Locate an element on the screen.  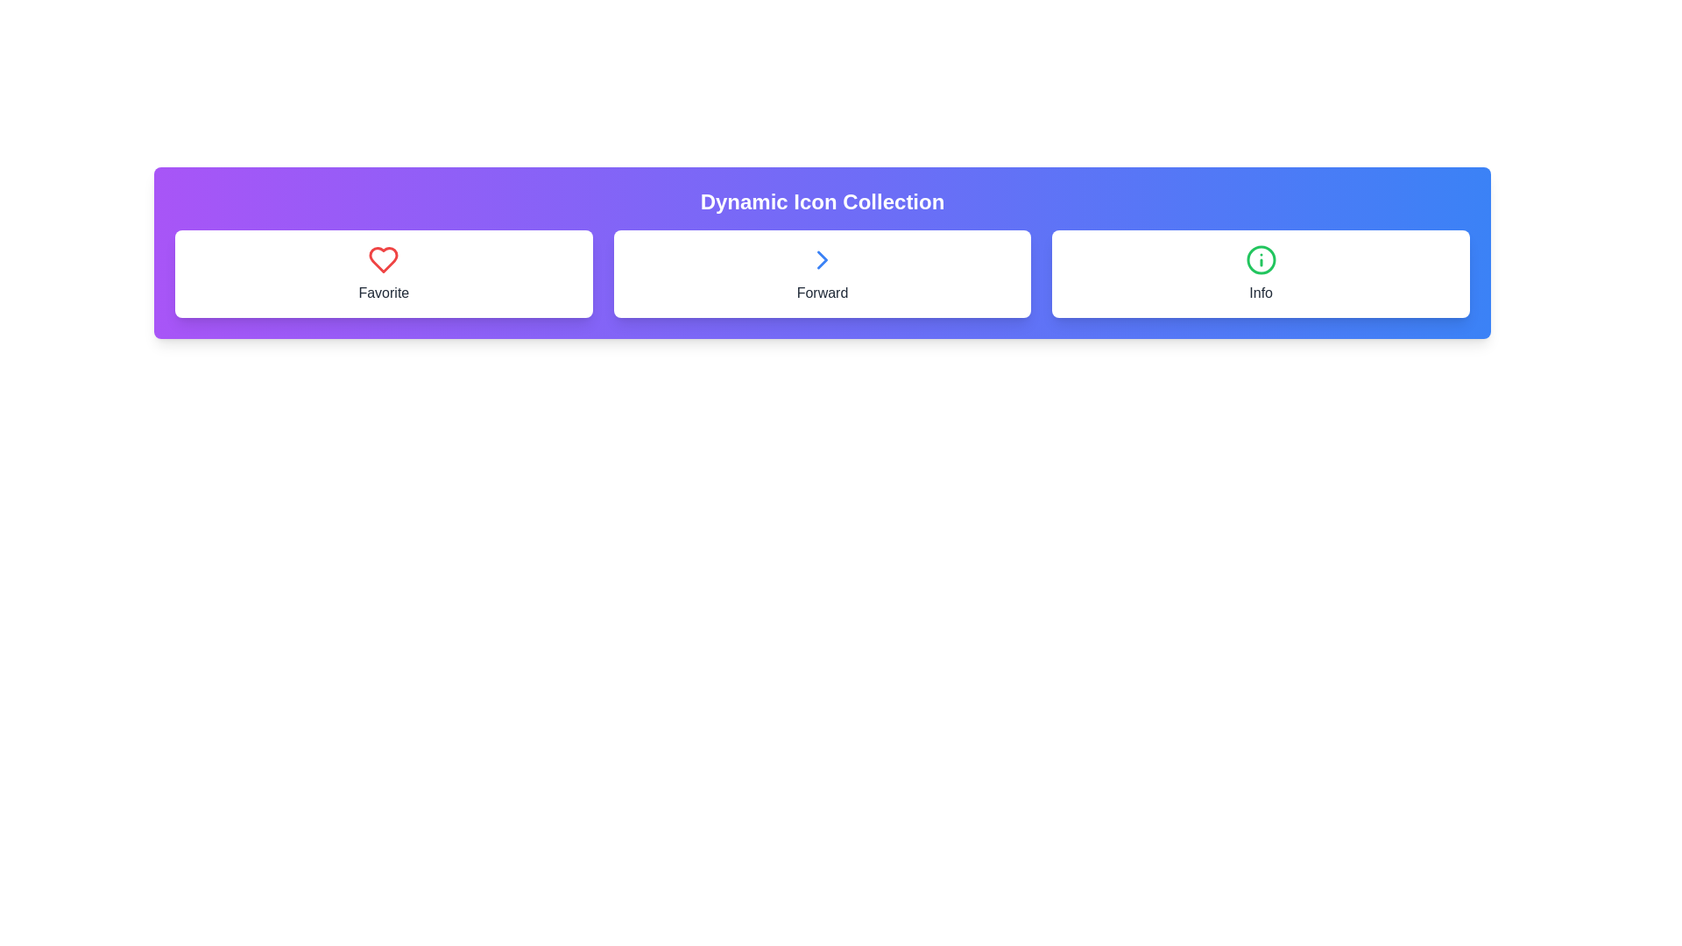
the circular green outlined informational icon with a central 'i' shape located within the 'Info' card is located at coordinates (1260, 260).